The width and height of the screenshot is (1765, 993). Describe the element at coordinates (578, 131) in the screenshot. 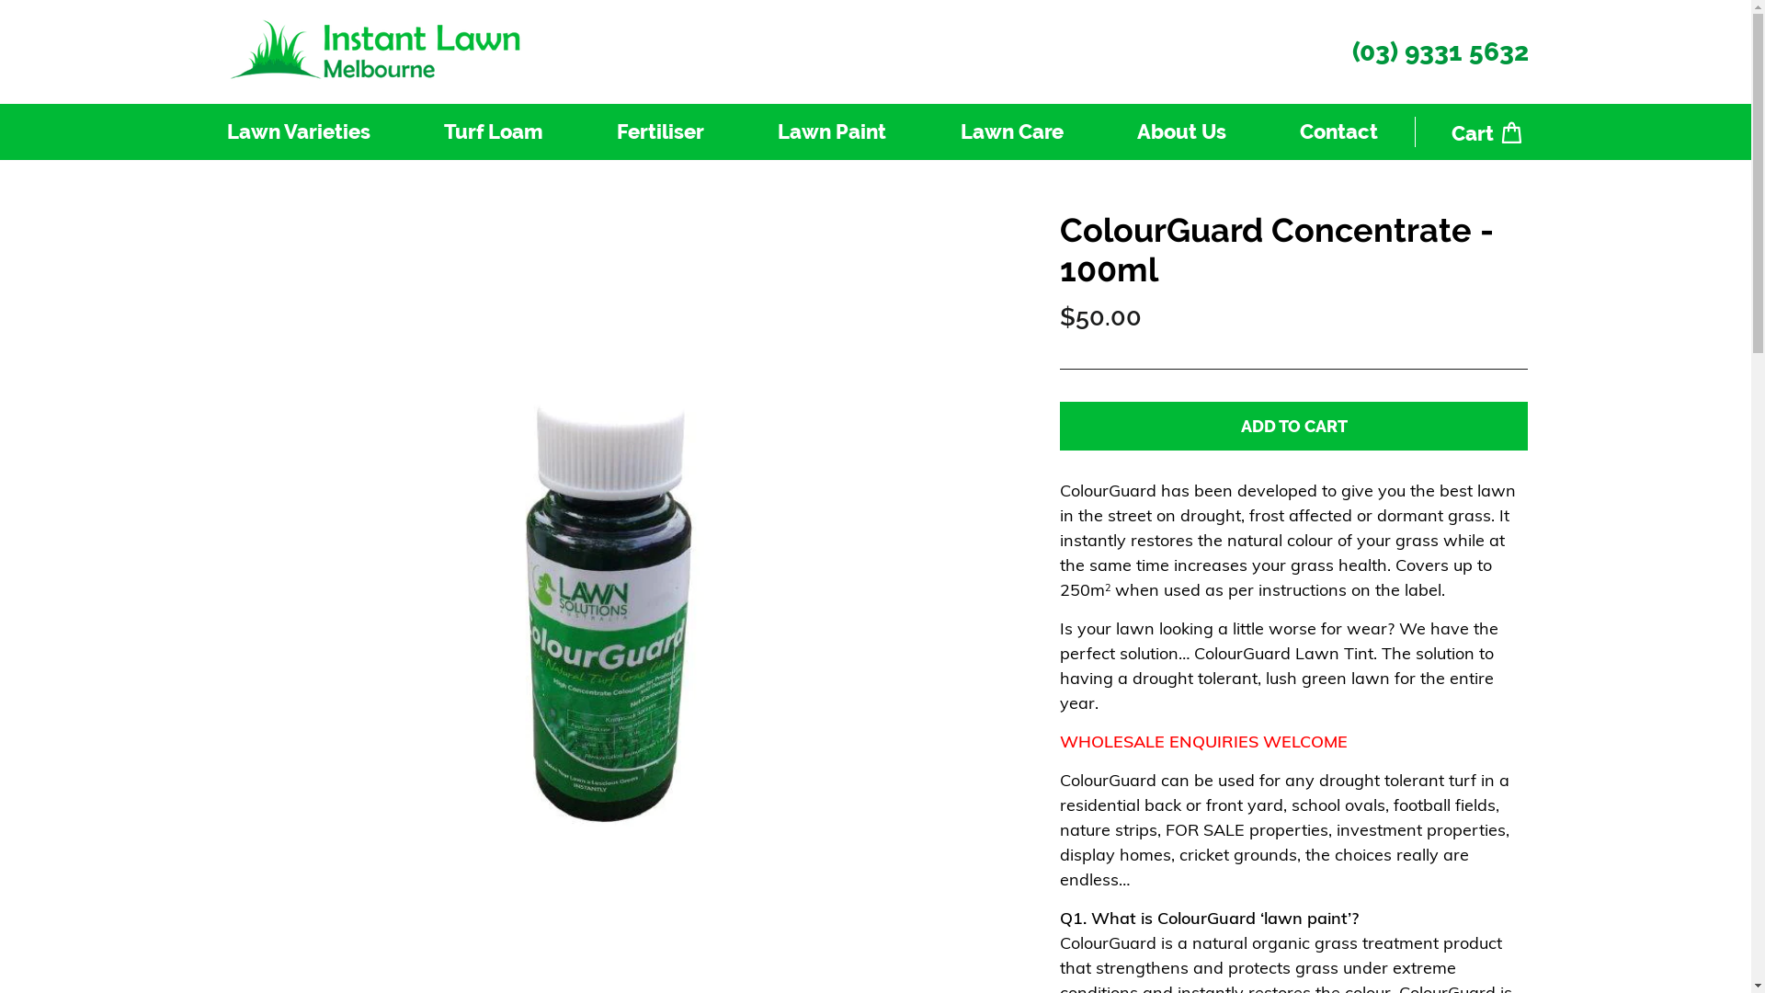

I see `'Fertiliser'` at that location.